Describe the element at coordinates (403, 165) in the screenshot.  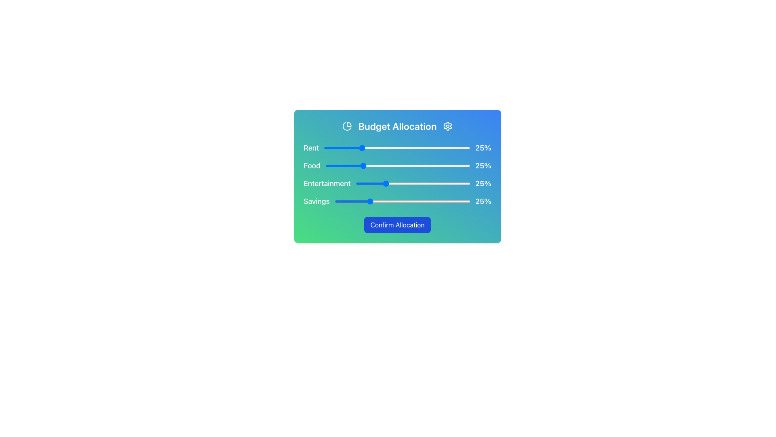
I see `the Food allocation slider` at that location.